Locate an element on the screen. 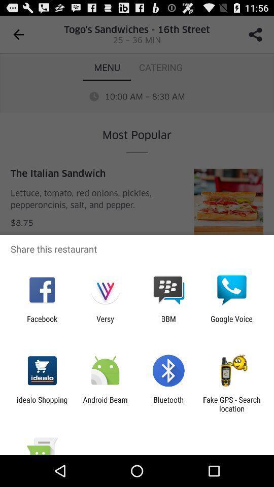 The width and height of the screenshot is (274, 487). the google voice icon is located at coordinates (231, 323).